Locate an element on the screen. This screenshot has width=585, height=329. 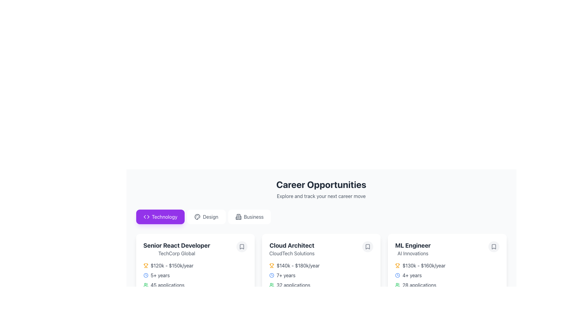
the small amber trophy icon representing an achievement, located in the top-left corner of the job information card, aligned horizontally with the text '$120k - $150k/year' is located at coordinates (145, 265).